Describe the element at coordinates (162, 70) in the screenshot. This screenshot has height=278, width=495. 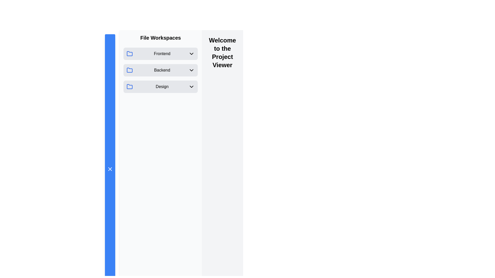
I see `the static text label that identifies the 'Backend' section, located between a blue folder icon and a downward arrow icon in the 'File Workspaces' list` at that location.